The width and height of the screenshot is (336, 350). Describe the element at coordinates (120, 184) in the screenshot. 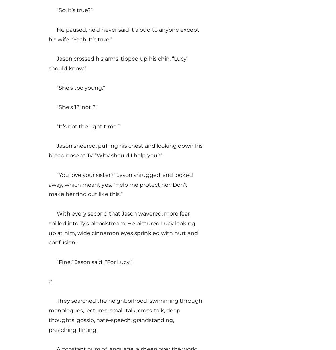

I see `'“You love your sister?” Jason shrugged, and looked away, which meant yes. “Help me protect her. Don’t make her find out like this.”'` at that location.